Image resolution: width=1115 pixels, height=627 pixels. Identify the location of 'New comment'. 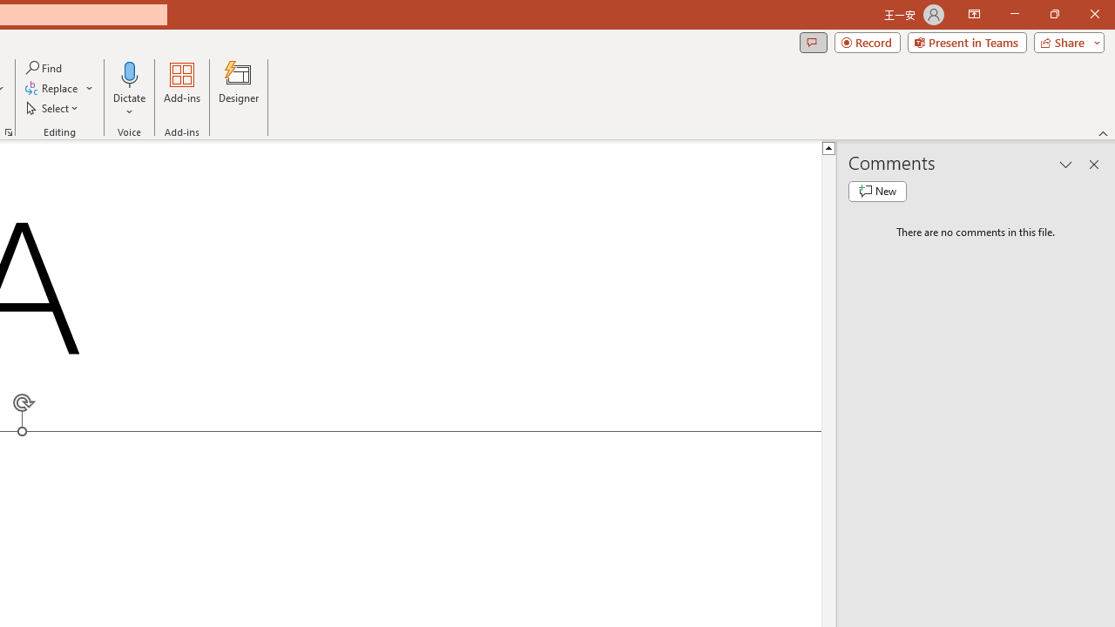
(877, 191).